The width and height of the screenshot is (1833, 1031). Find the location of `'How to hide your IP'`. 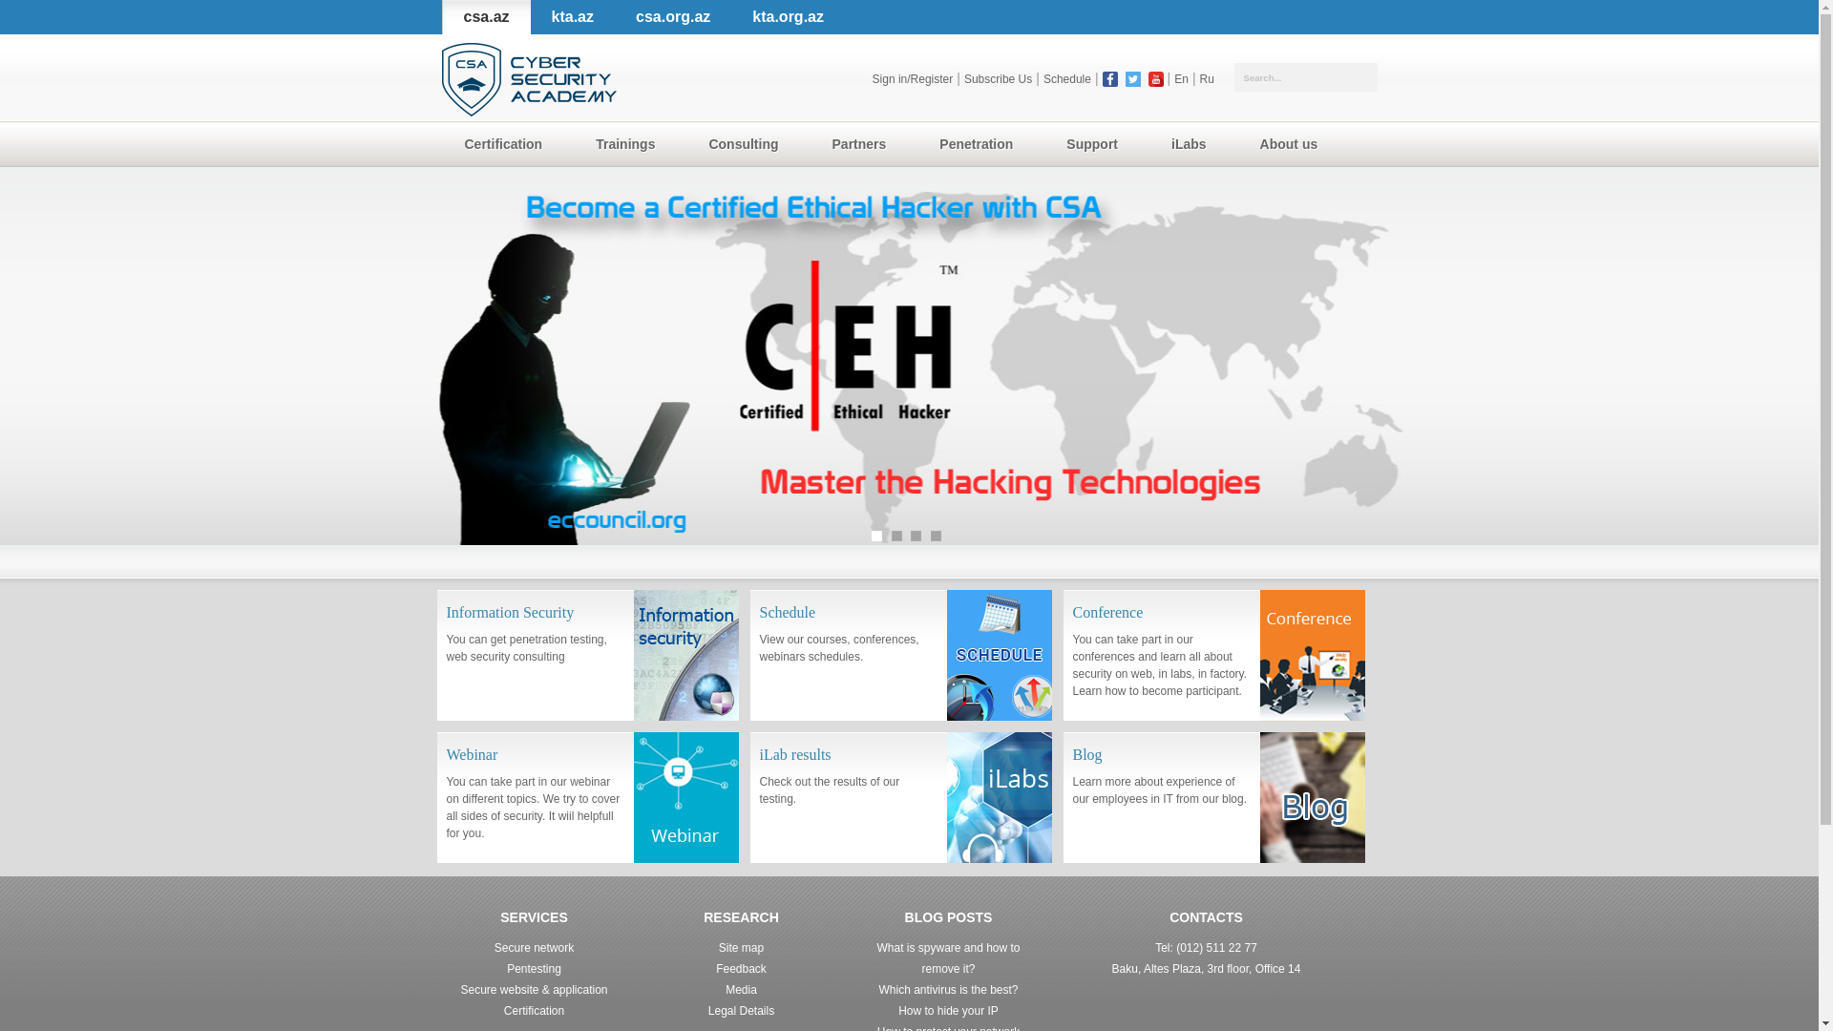

'How to hide your IP' is located at coordinates (896, 1010).